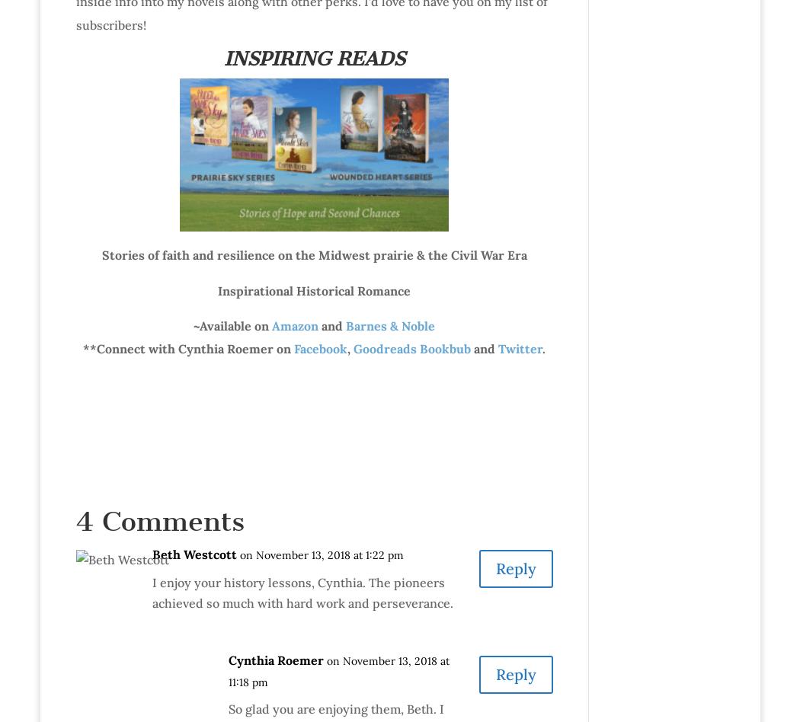 The image size is (800, 722). I want to click on '4 Comments', so click(158, 519).